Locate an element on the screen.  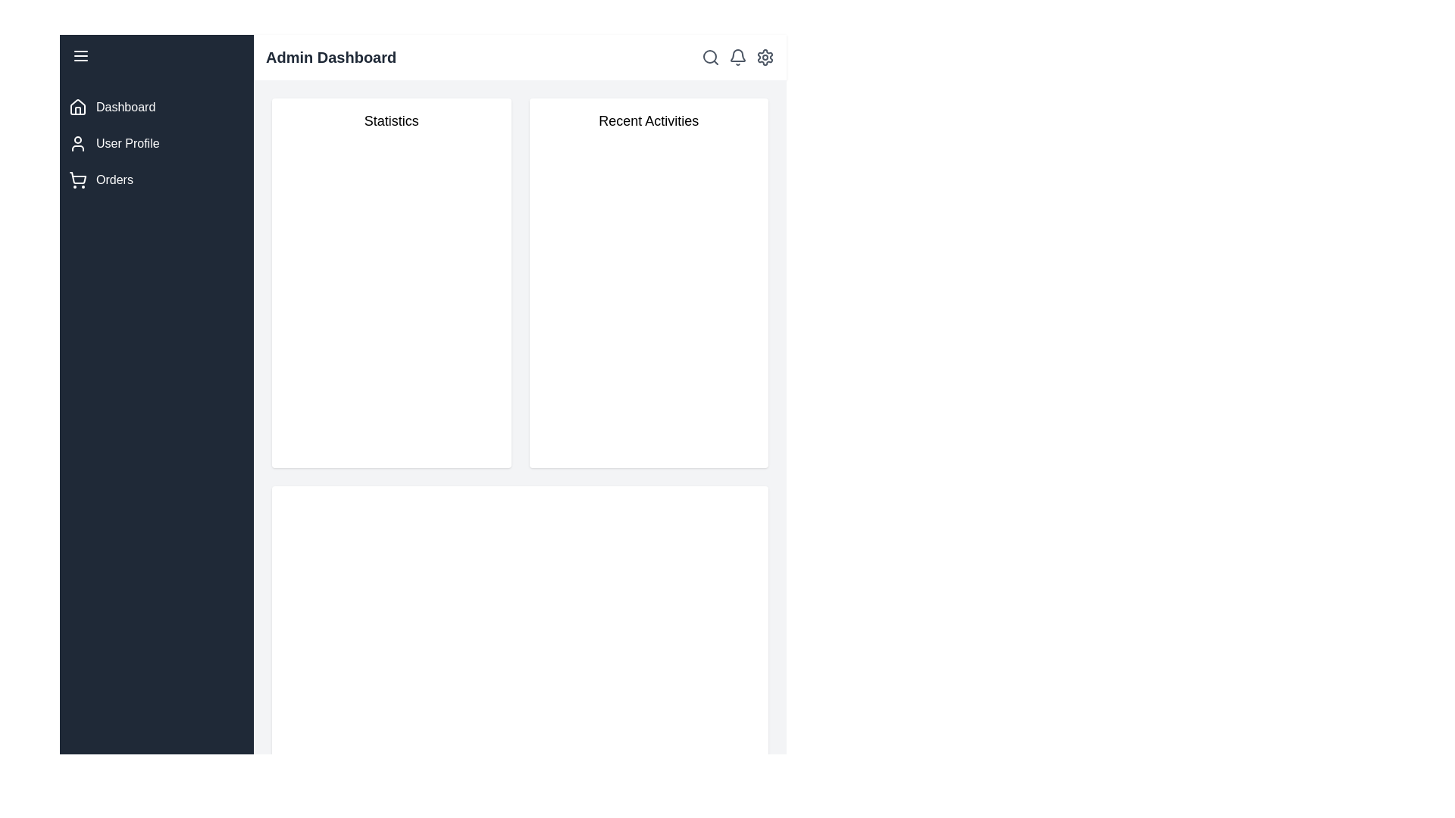
the shopping cart icon in the vertical navigation bar on the left side of the interface, positioned in the third row beneath 'Dashboard' and 'User Profile' is located at coordinates (77, 180).